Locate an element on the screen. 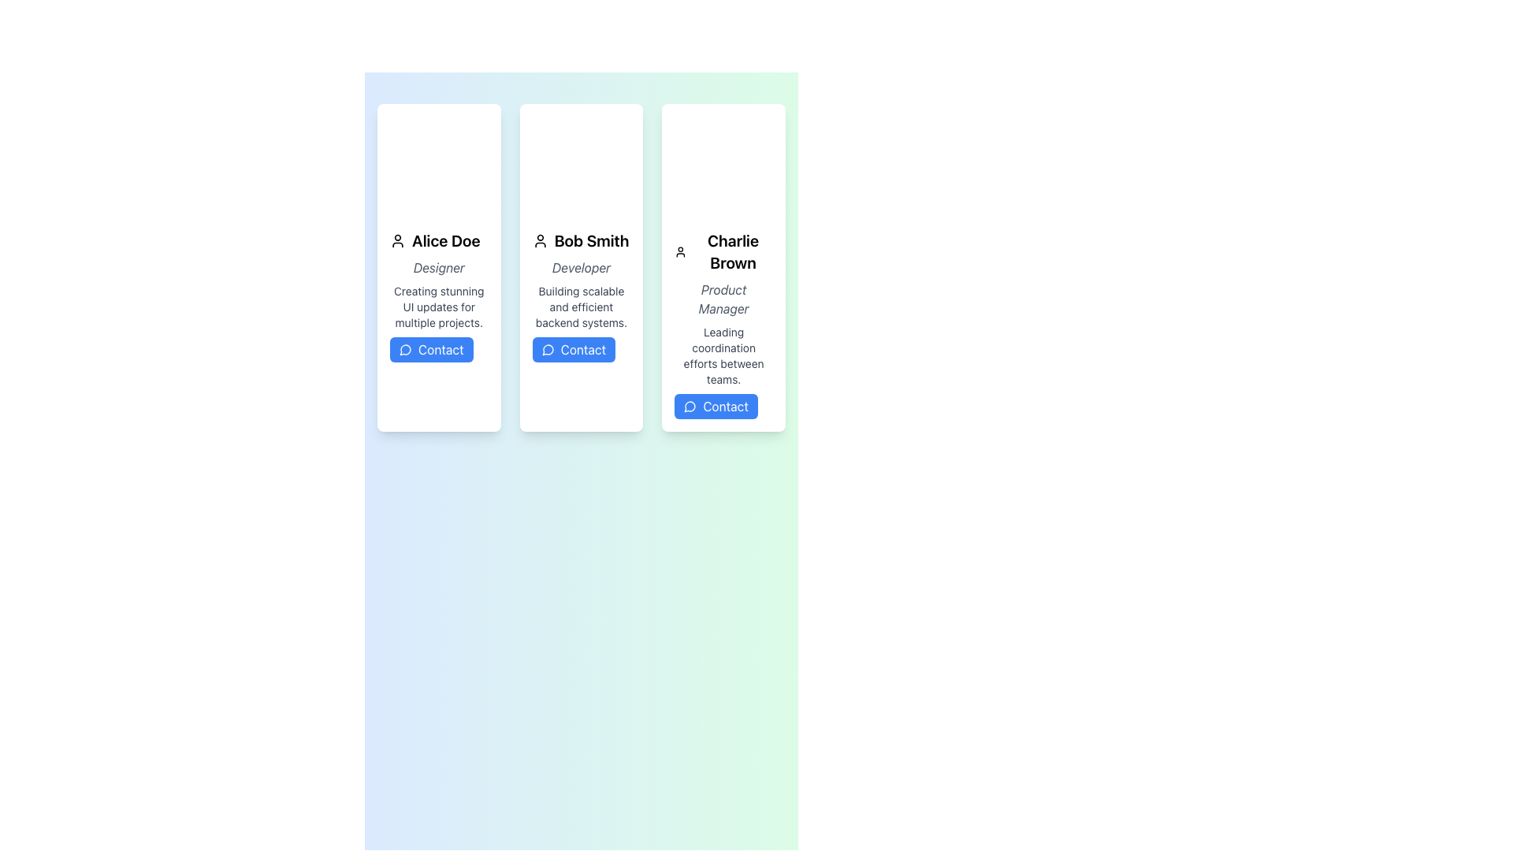 This screenshot has height=851, width=1513. the text label indicating the role 'Developer' associated with 'Bob Smith' is located at coordinates (581, 266).